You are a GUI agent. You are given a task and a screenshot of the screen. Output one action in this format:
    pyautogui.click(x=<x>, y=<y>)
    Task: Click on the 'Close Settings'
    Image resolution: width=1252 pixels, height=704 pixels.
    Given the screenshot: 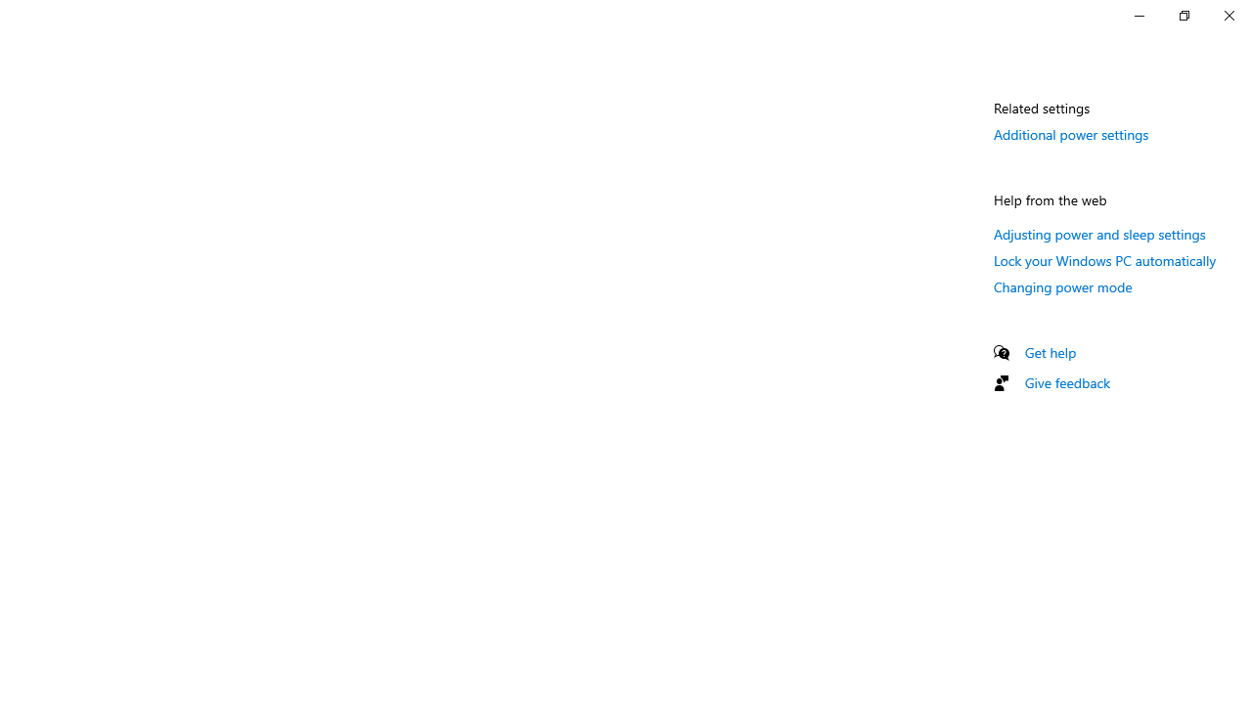 What is the action you would take?
    pyautogui.click(x=1228, y=15)
    